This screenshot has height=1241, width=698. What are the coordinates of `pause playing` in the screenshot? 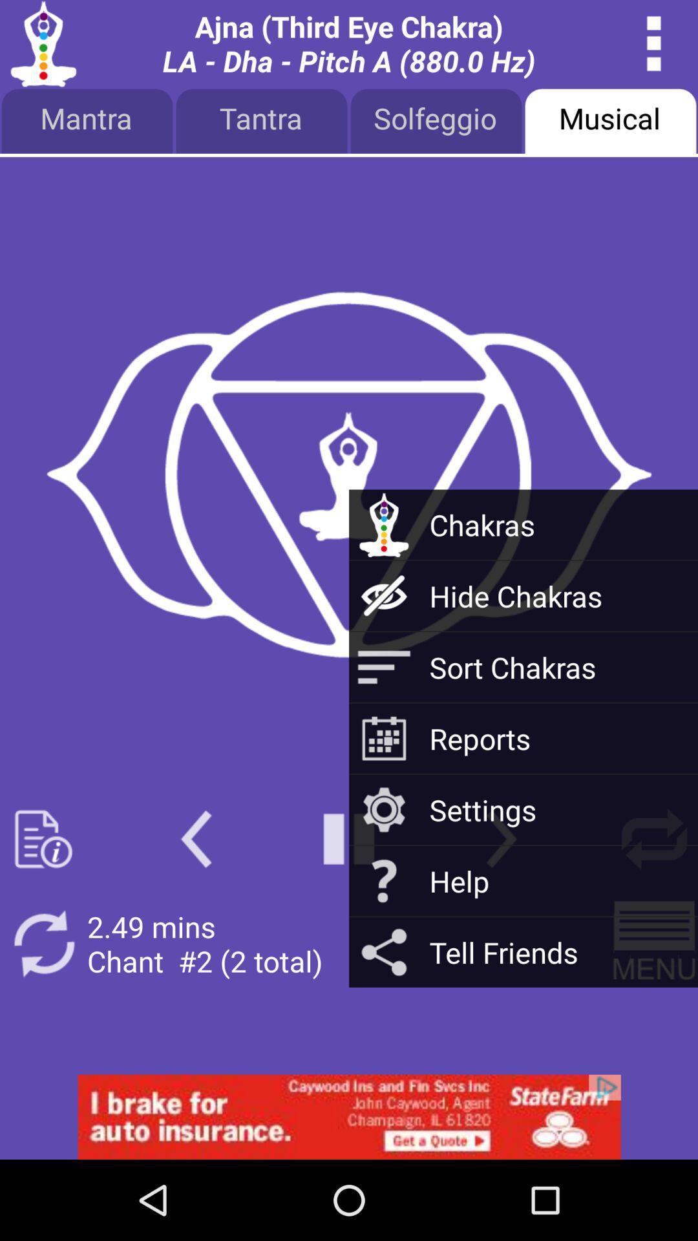 It's located at (349, 839).